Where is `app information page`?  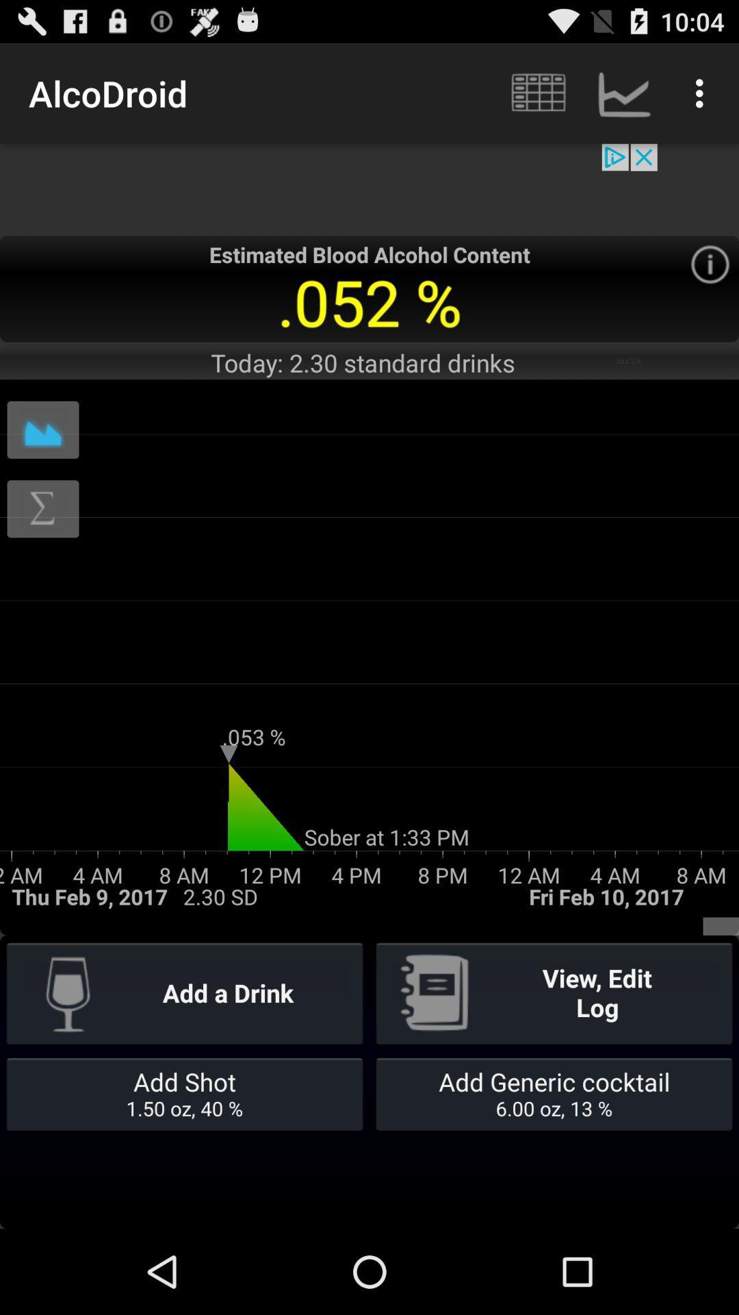
app information page is located at coordinates (709, 264).